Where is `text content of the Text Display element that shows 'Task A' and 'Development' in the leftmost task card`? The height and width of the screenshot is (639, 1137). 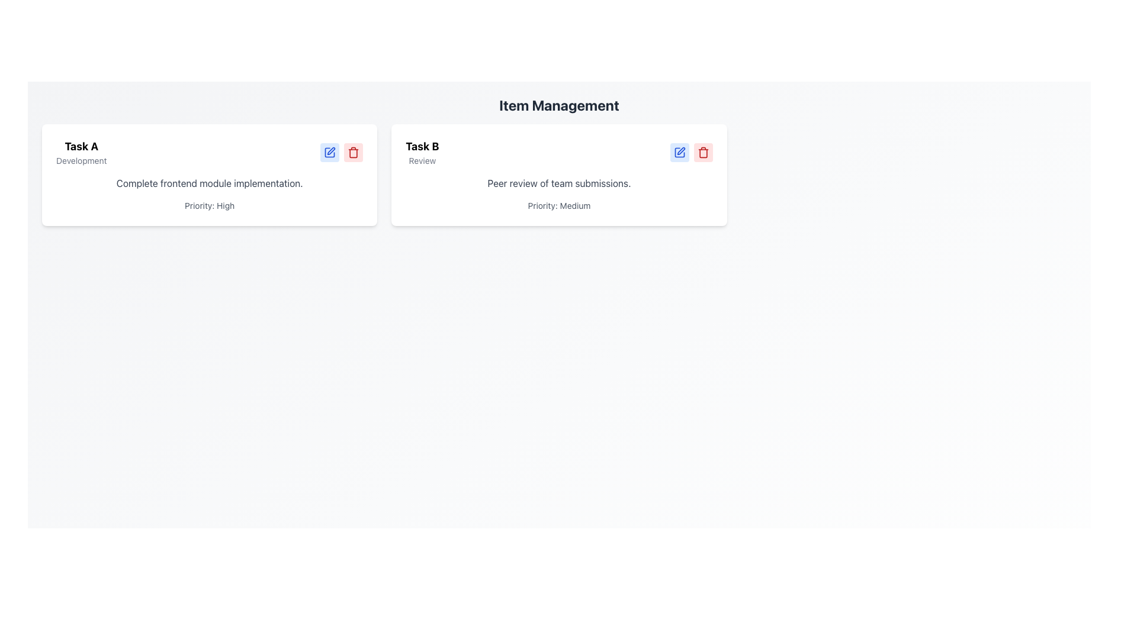 text content of the Text Display element that shows 'Task A' and 'Development' in the leftmost task card is located at coordinates (81, 152).